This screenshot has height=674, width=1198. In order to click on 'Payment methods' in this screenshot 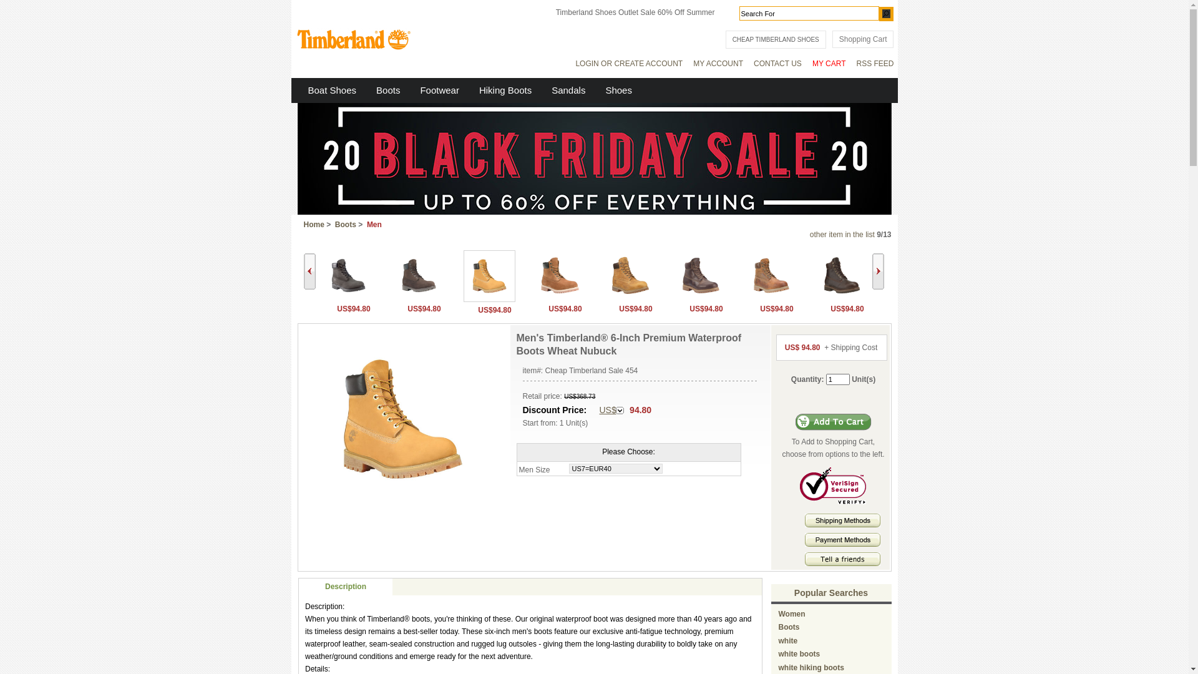, I will do `click(842, 543)`.